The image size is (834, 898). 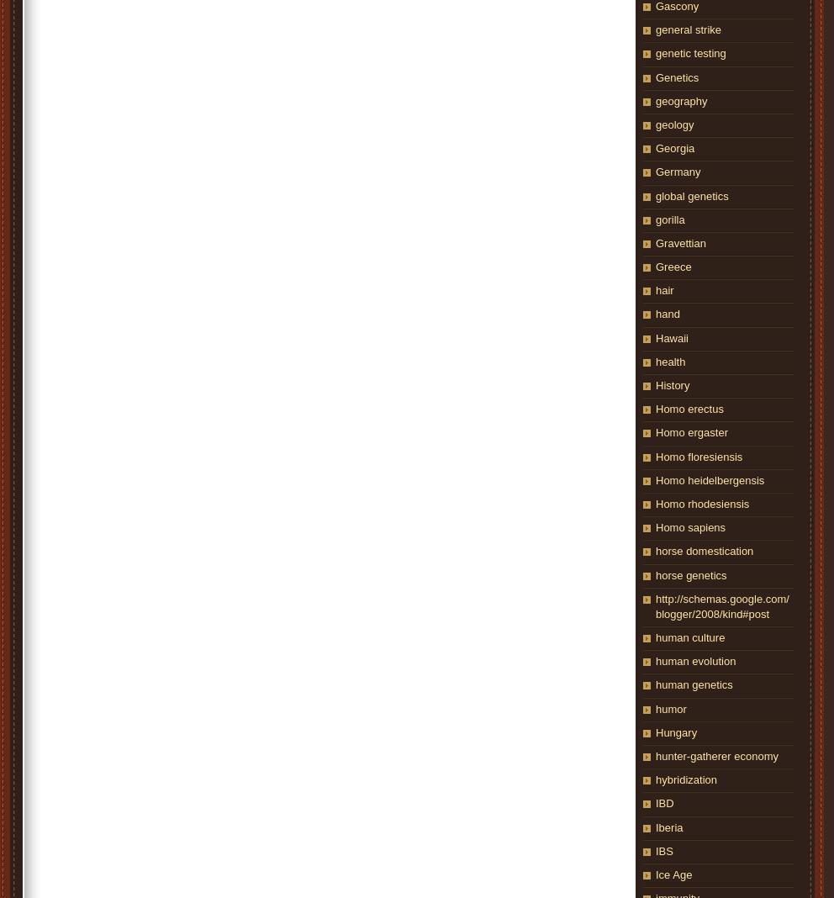 I want to click on 'Hawaii', so click(x=672, y=336).